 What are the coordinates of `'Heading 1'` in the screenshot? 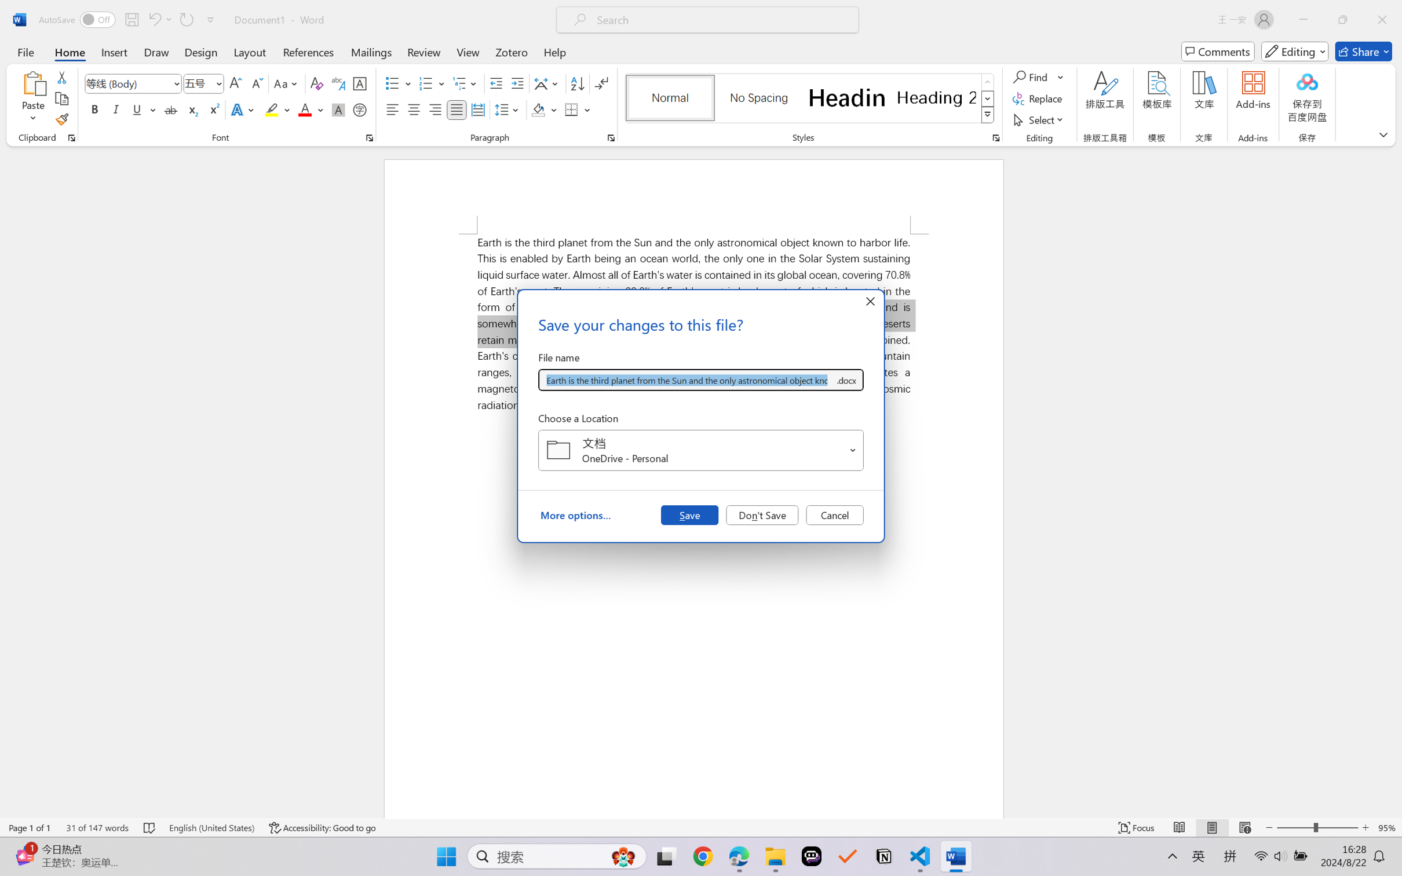 It's located at (846, 97).